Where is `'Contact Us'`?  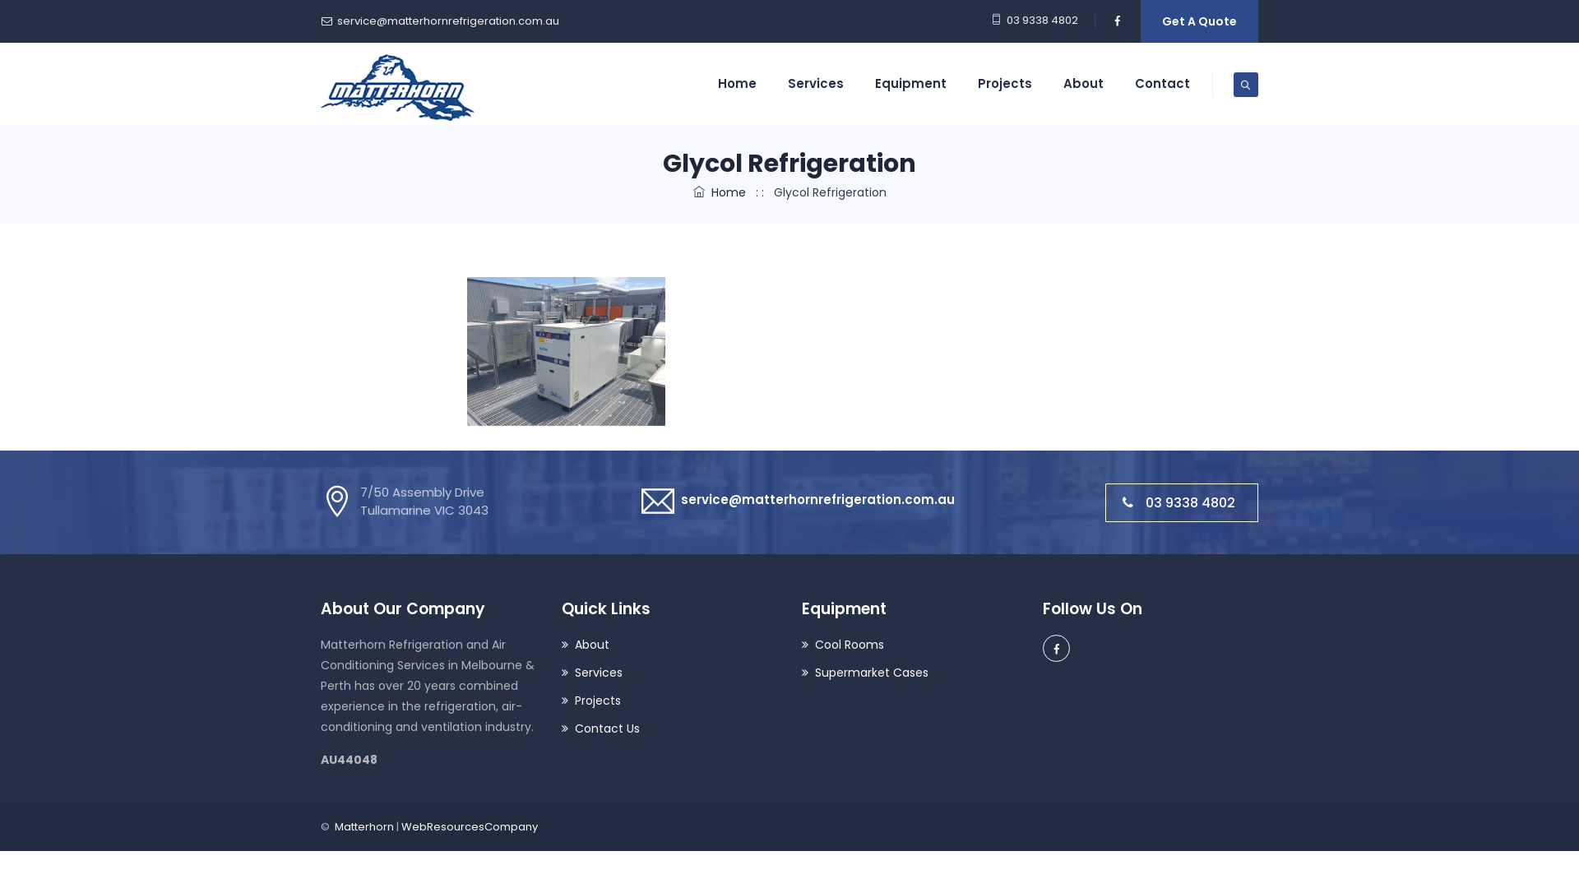 'Contact Us' is located at coordinates (599, 728).